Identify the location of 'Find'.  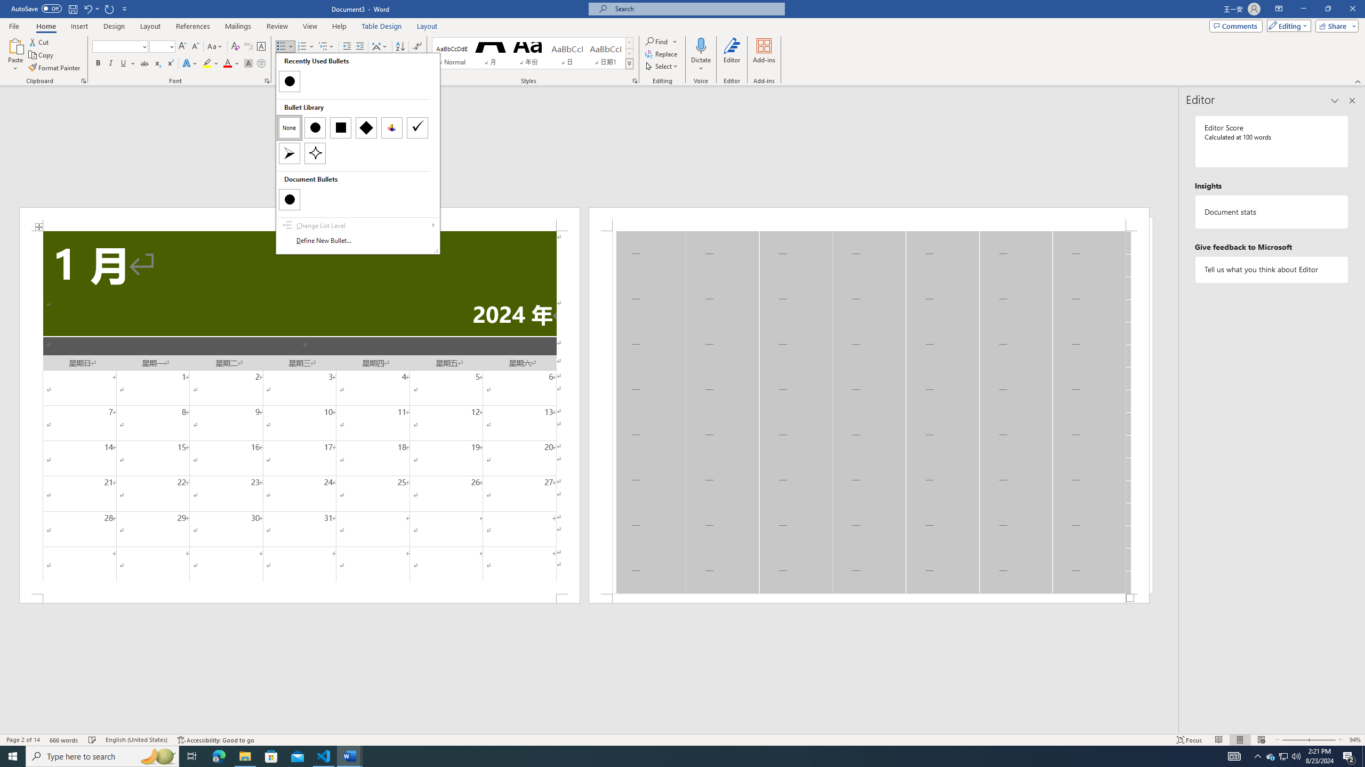
(661, 41).